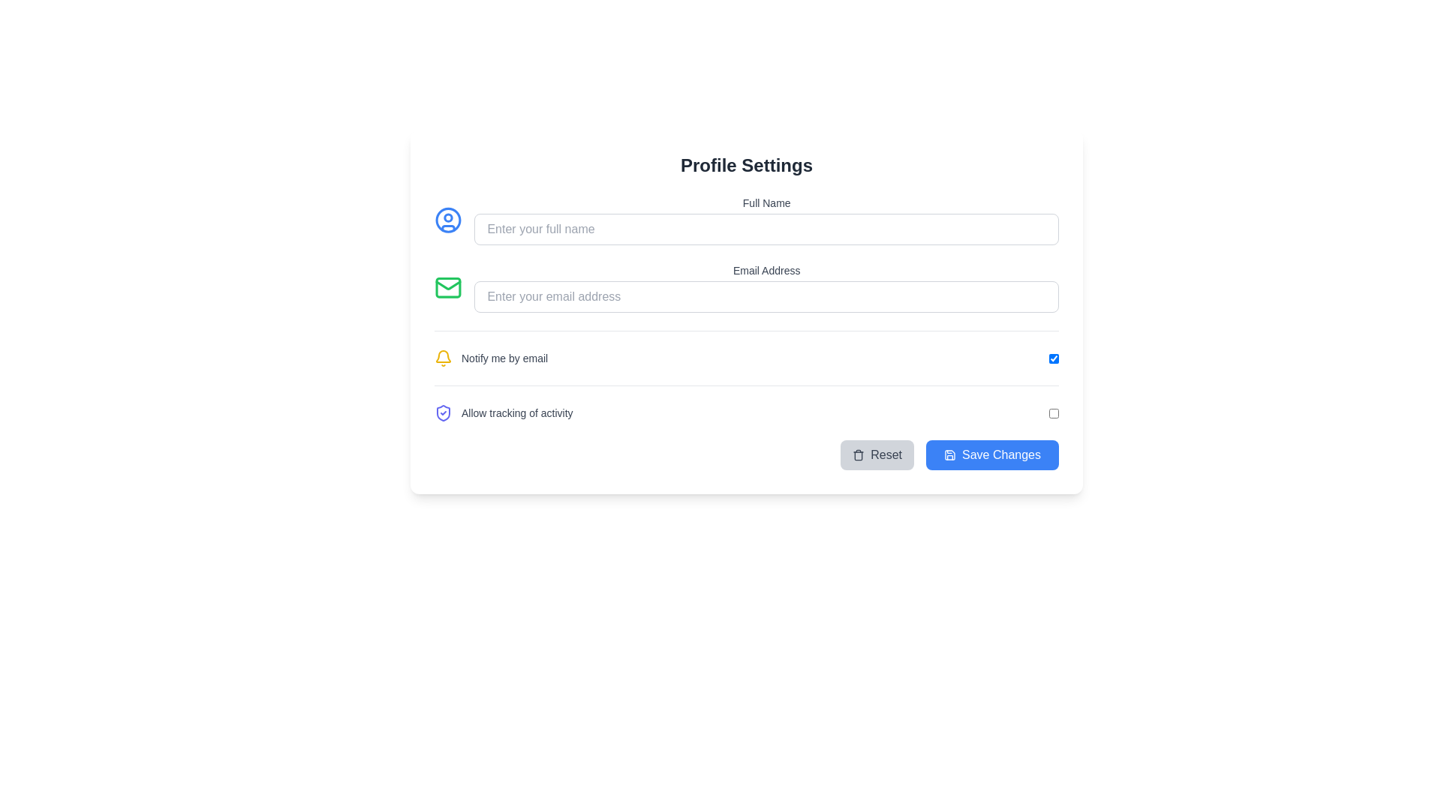 Image resolution: width=1441 pixels, height=810 pixels. What do you see at coordinates (447, 288) in the screenshot?
I see `the bright green rectangular shape with rounded corners inside the envelope icon, which is located to the left of the 'Enter your email address' text box in the 'Profile Settings' section` at bounding box center [447, 288].